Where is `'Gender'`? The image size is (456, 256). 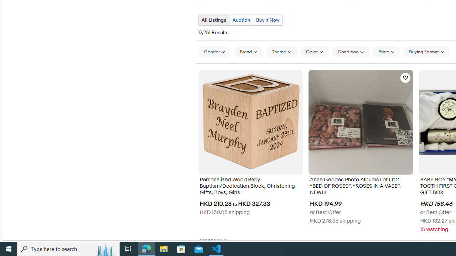 'Gender' is located at coordinates (214, 52).